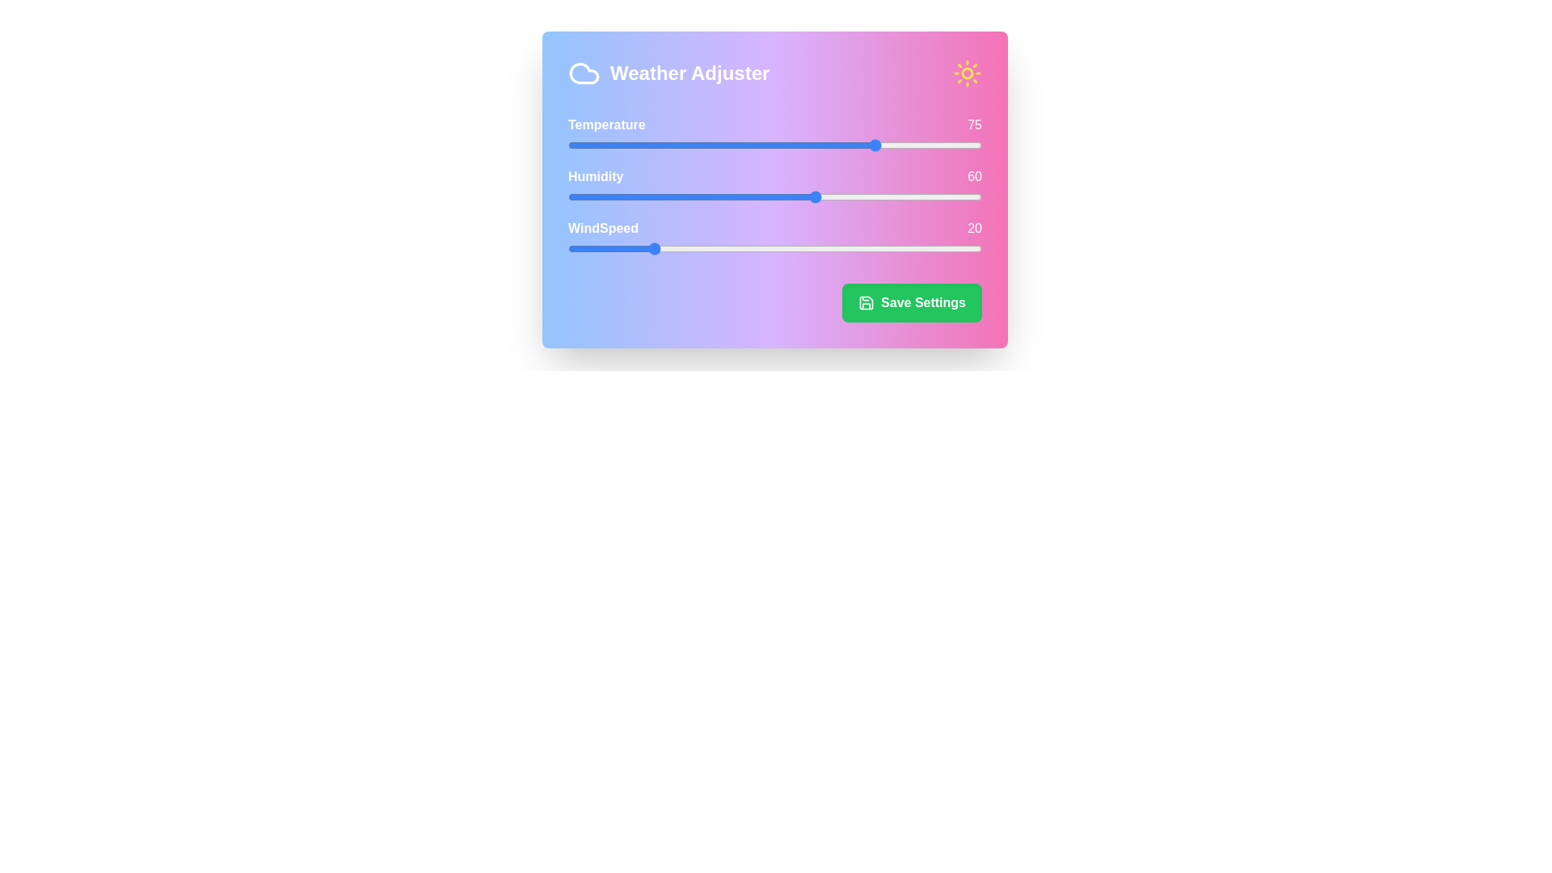 The width and height of the screenshot is (1552, 873). I want to click on the wind speed, so click(642, 249).